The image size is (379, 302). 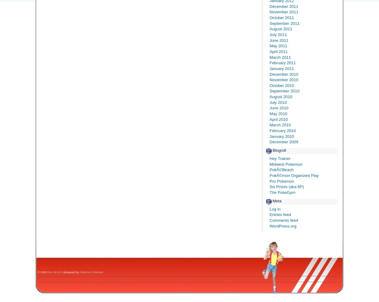 I want to click on 'November 2010', so click(x=284, y=79).